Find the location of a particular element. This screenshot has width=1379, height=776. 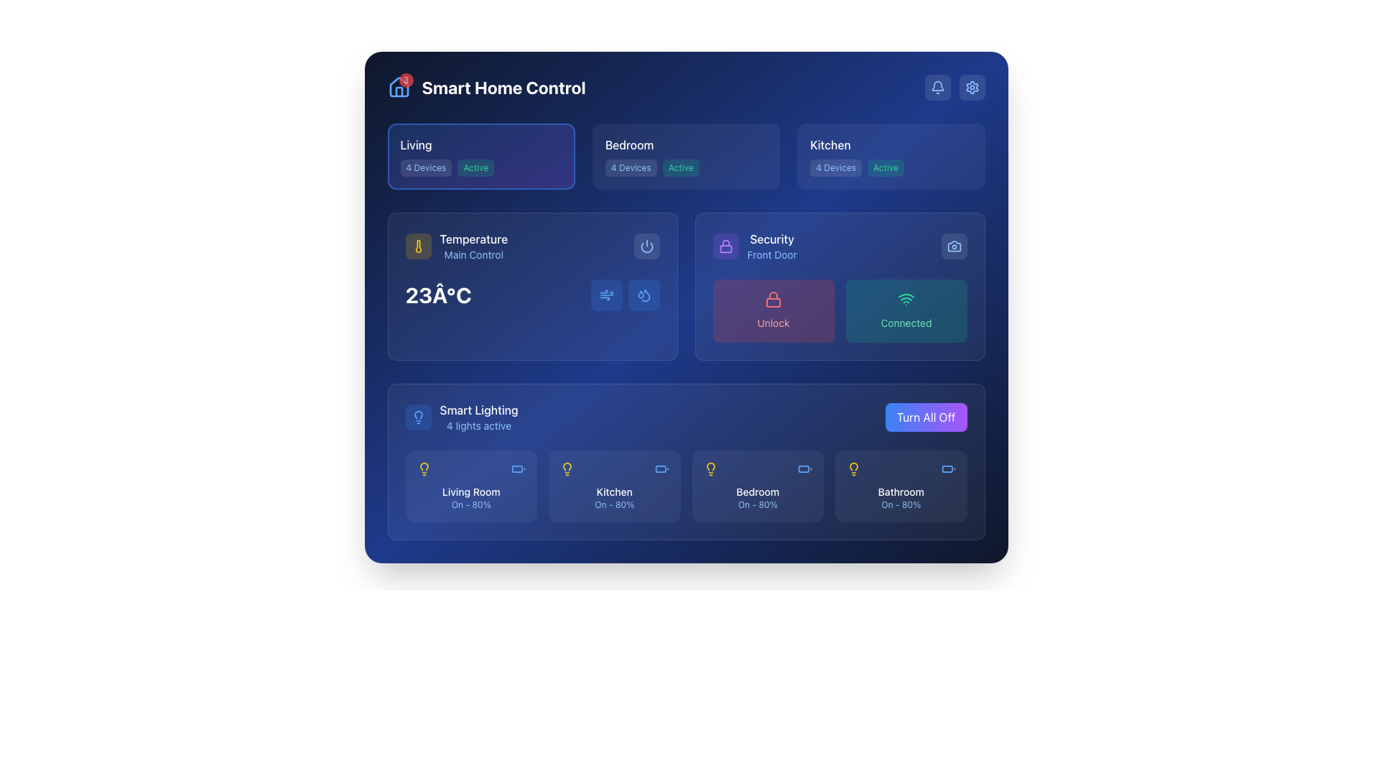

the rectangular-shaped component inside the padlock icon located in the 'Security' section of the UI is located at coordinates (725, 248).